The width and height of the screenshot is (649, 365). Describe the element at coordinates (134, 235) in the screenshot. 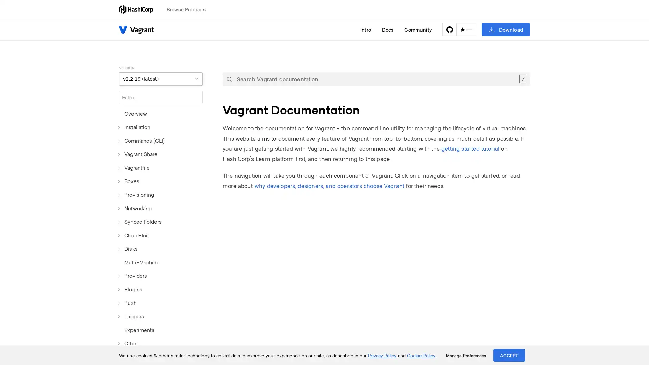

I see `Cloud-Init` at that location.